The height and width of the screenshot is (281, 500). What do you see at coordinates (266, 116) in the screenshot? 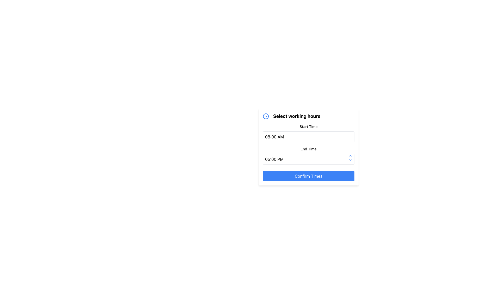
I see `the circular outline of the clock icon located at the top-left of the dialog box, adjacent to the text 'Select working hours'` at bounding box center [266, 116].